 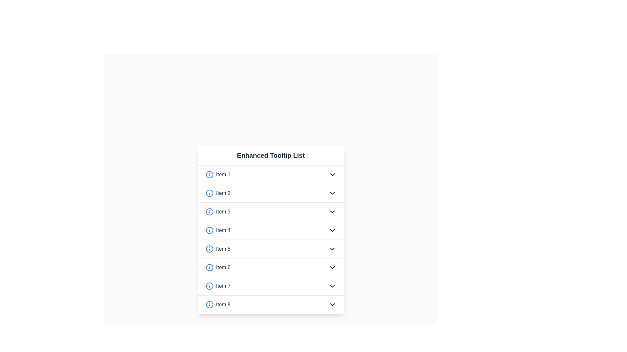 What do you see at coordinates (209, 212) in the screenshot?
I see `the icon for 'Item 3' located in the third row of the 'Enhanced Tooltip List' by moving the cursor to its center point` at bounding box center [209, 212].